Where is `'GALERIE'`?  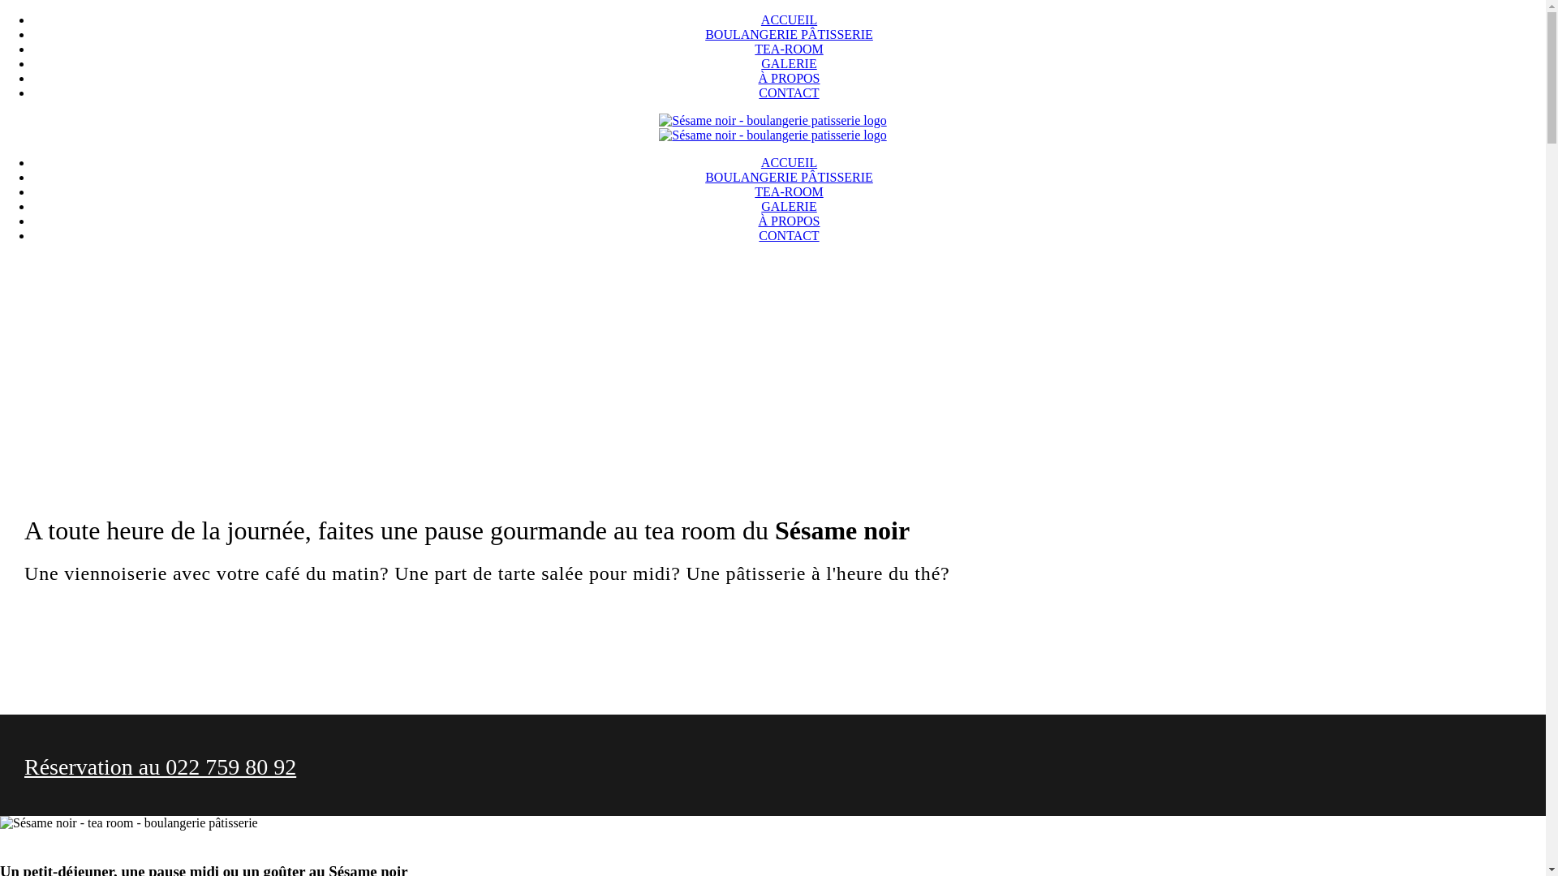
'GALERIE' is located at coordinates (788, 62).